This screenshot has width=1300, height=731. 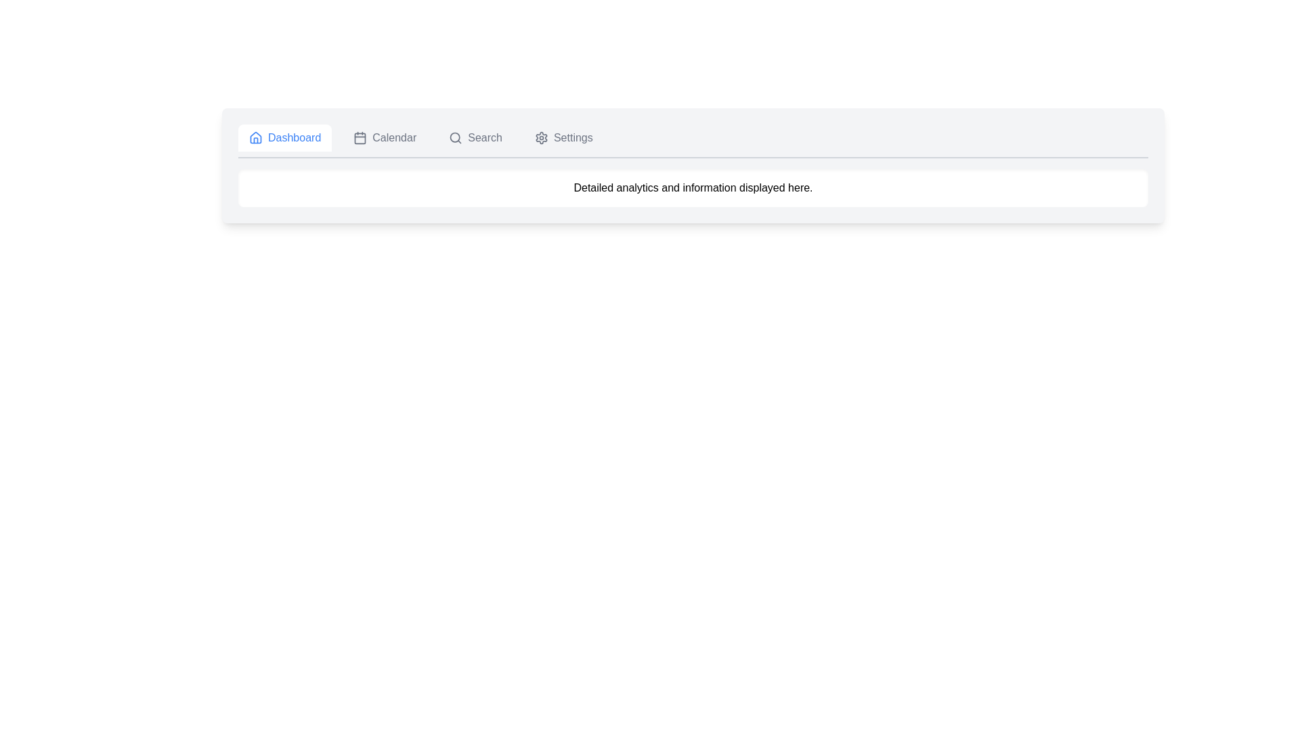 I want to click on the circular search icon located in the top navigation bar next to the 'Dashboard', 'Calendar', and 'Settings' options, so click(x=455, y=137).